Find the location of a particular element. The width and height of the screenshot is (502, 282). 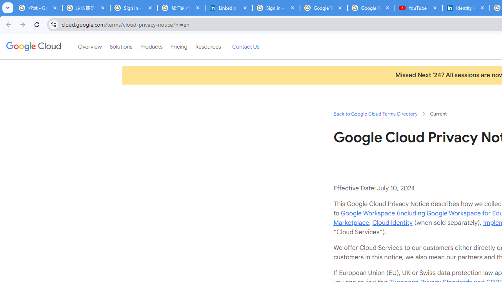

'LinkedIn Privacy Policy' is located at coordinates (228, 8).